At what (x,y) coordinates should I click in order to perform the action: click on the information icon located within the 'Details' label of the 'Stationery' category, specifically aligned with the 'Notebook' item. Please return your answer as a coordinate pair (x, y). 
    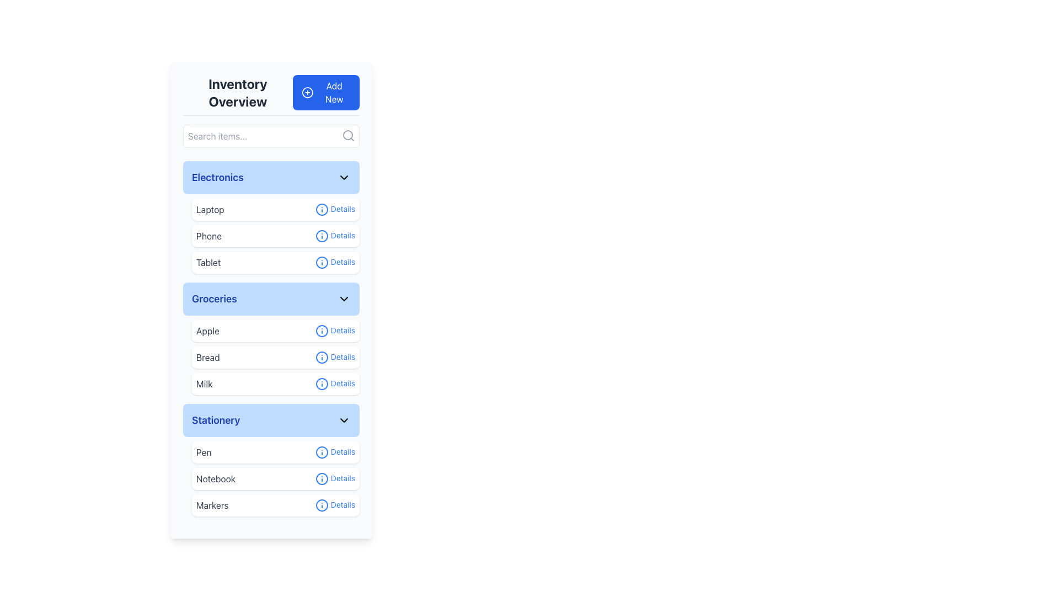
    Looking at the image, I should click on (321, 478).